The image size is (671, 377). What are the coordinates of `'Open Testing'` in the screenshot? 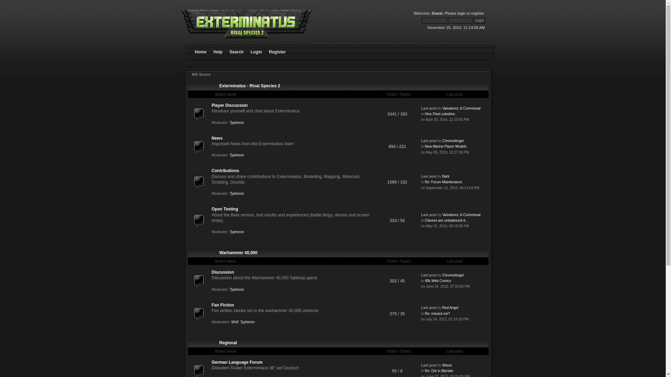 It's located at (225, 208).